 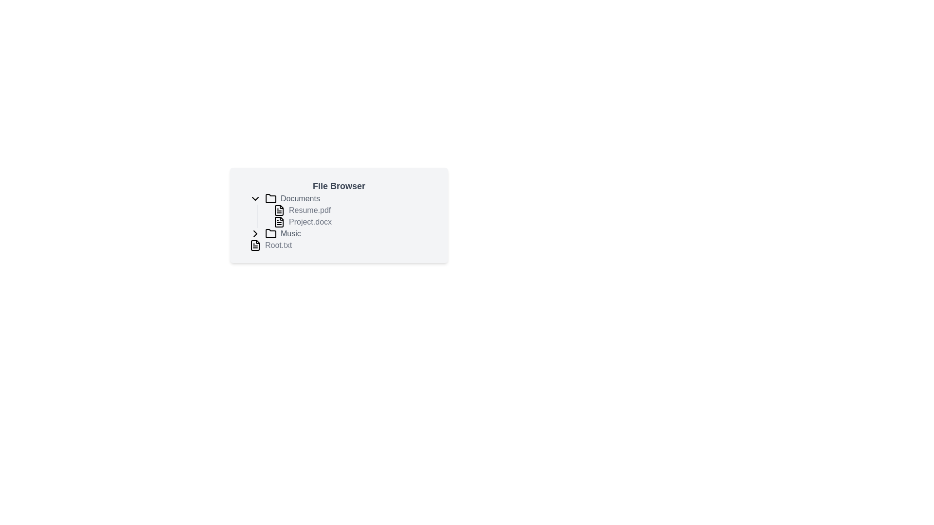 What do you see at coordinates (270, 198) in the screenshot?
I see `the folder icon labeled 'Documents' in the file browser, which is the first item in the vertical list of file and folder items` at bounding box center [270, 198].